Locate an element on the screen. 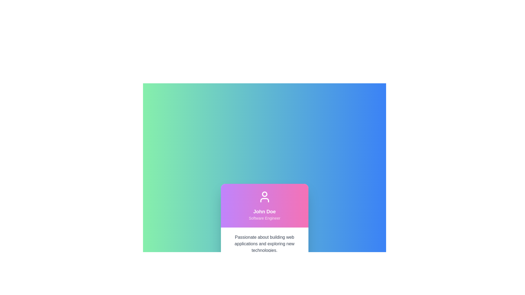  the text label that reads 'Software Engineer', which is styled with a small font size and light pink color, located directly below 'John Doe' within a gradient background transitioning from purple to pink is located at coordinates (264, 218).